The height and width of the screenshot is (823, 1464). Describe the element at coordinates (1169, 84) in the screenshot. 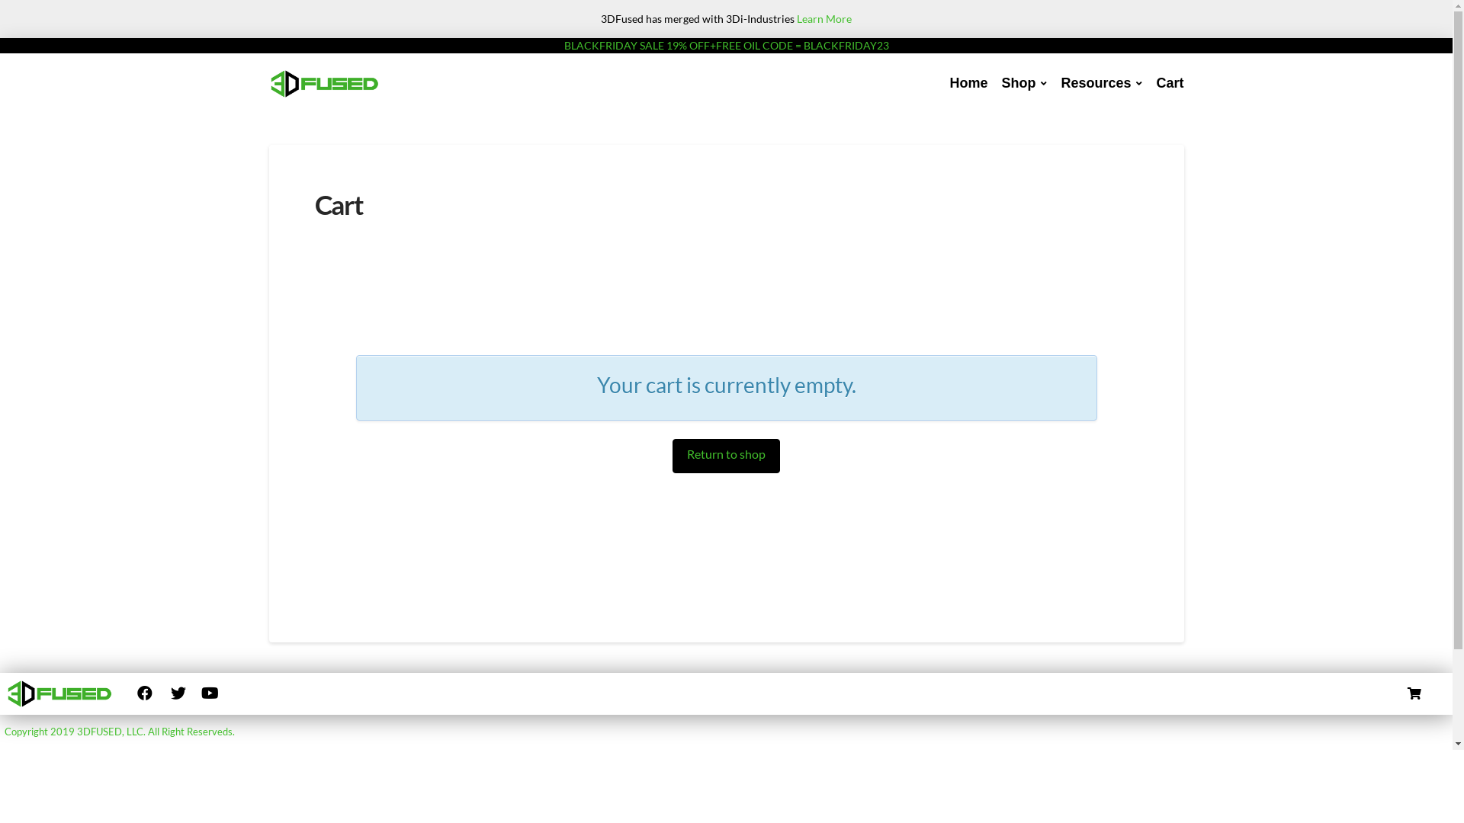

I see `'Cart'` at that location.